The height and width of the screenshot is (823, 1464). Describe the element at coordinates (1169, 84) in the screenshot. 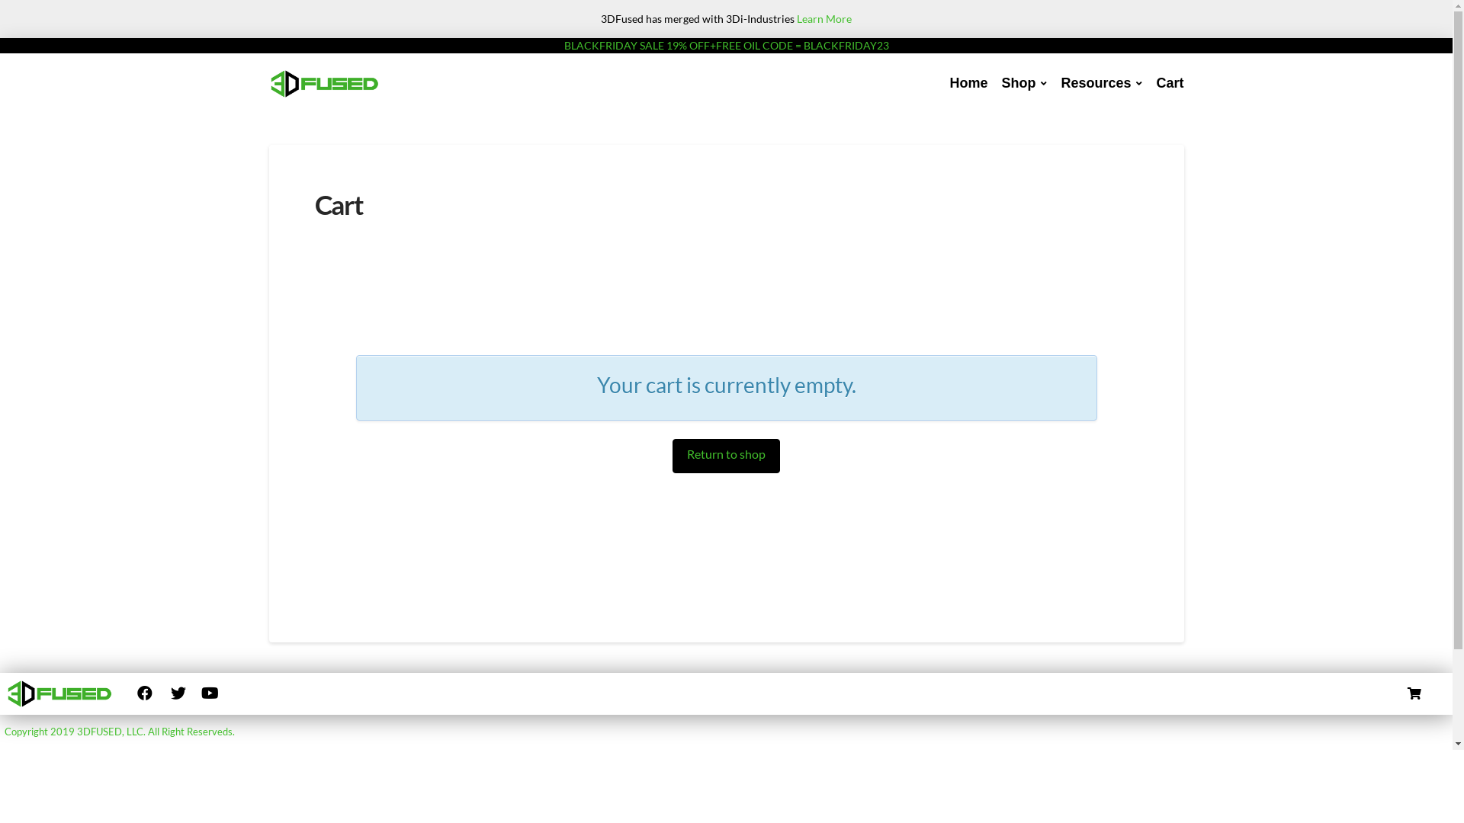

I see `'Cart'` at that location.